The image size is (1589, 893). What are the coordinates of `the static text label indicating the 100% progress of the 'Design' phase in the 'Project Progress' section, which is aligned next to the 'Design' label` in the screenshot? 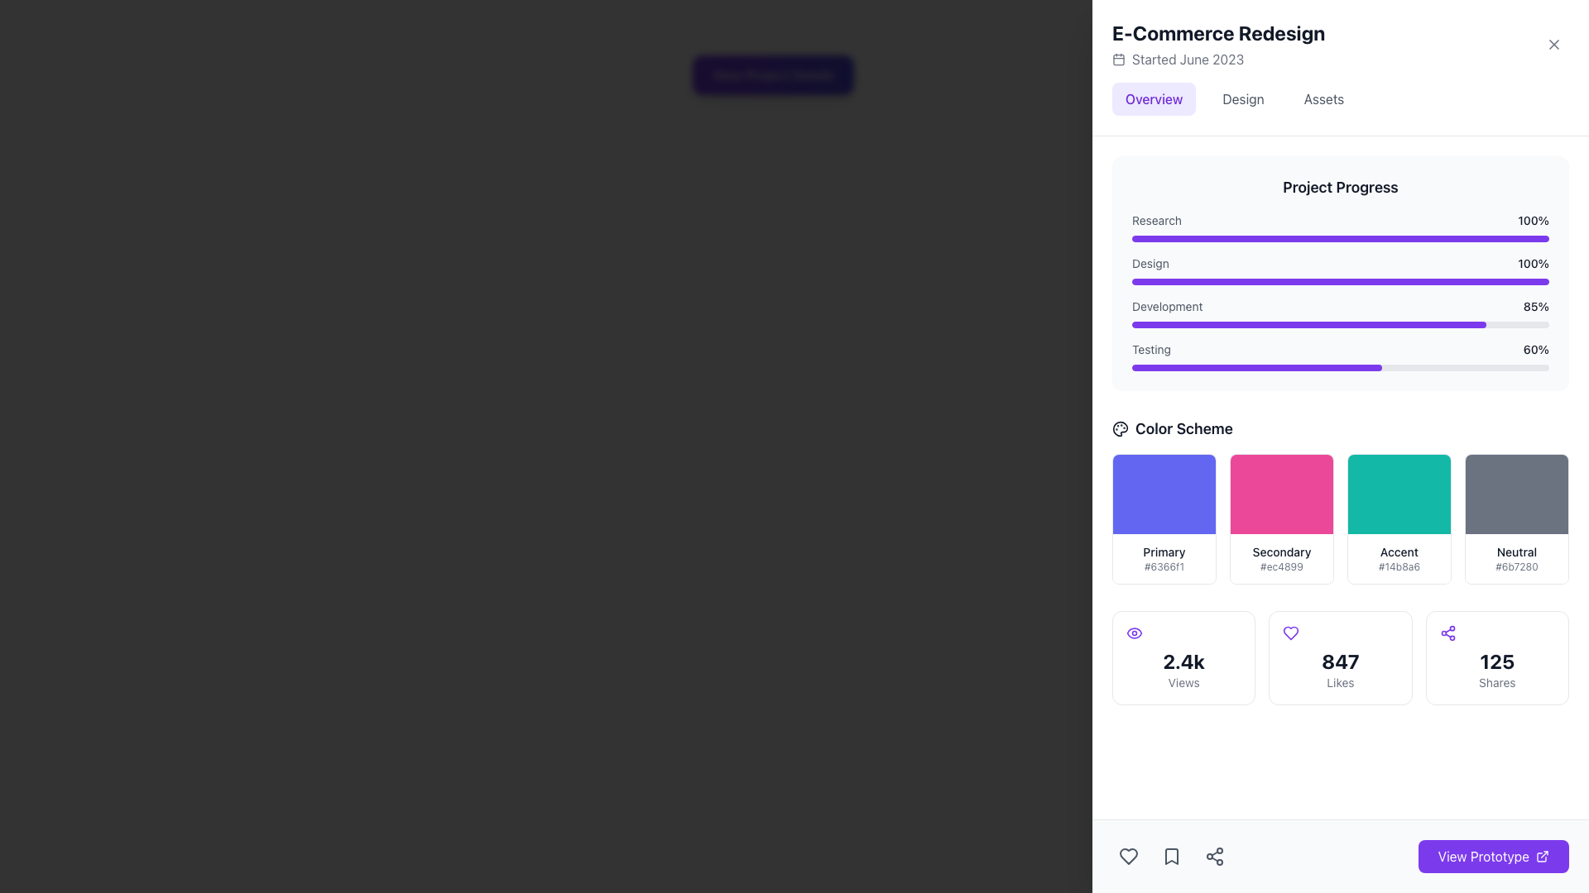 It's located at (1533, 263).